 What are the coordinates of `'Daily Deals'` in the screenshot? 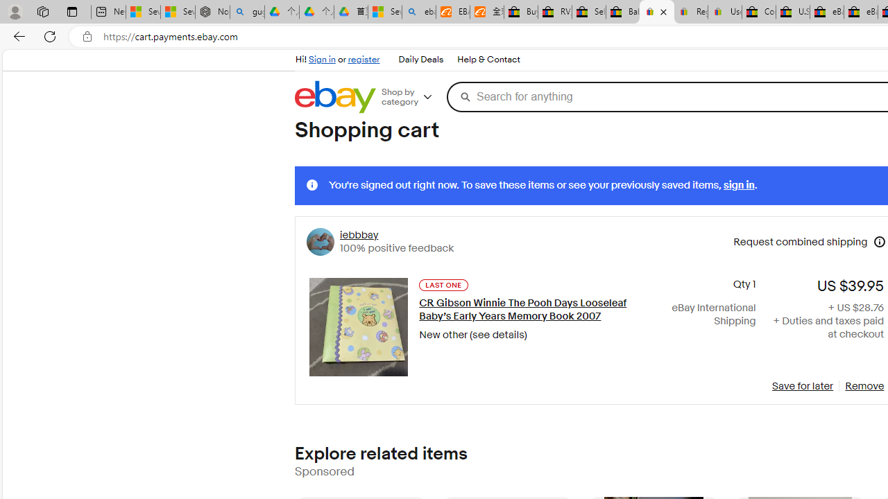 It's located at (420, 60).